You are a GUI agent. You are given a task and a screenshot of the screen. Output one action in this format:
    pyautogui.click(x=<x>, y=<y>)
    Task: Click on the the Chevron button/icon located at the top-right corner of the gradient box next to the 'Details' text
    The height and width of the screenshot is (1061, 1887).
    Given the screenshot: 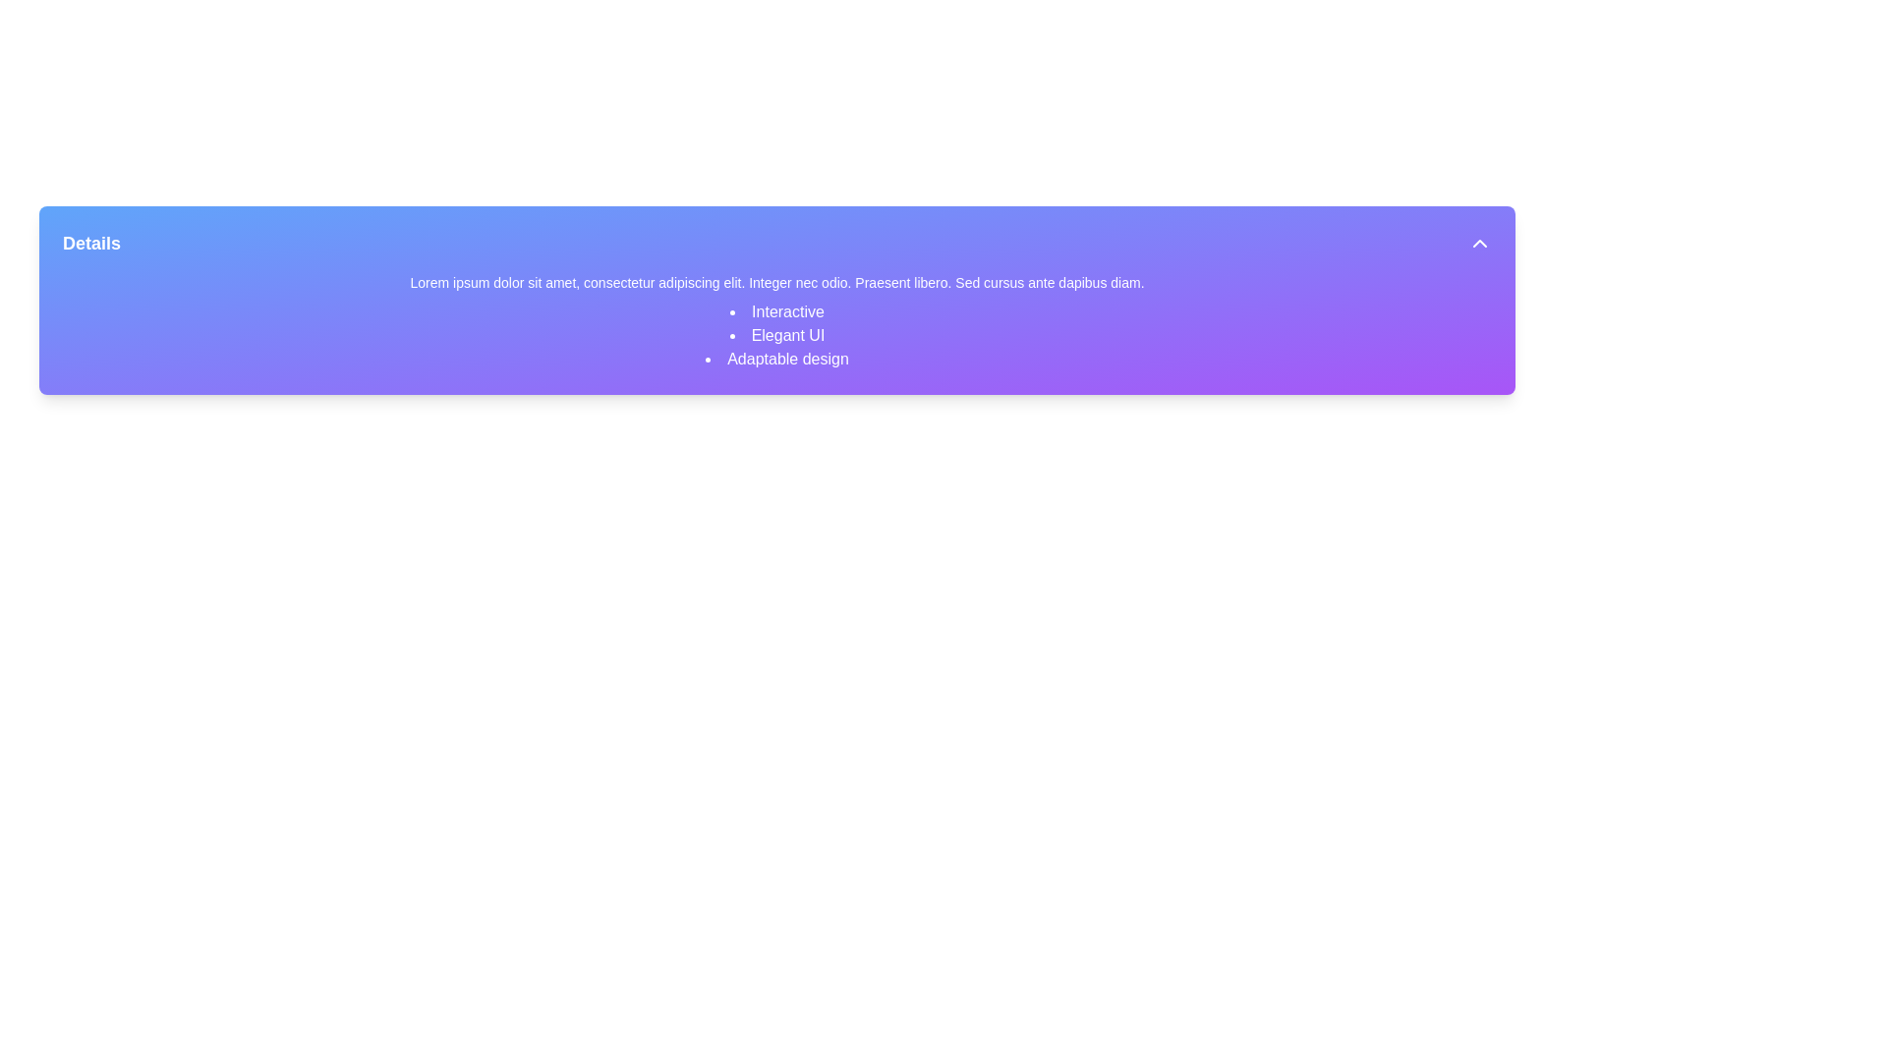 What is the action you would take?
    pyautogui.click(x=1480, y=242)
    